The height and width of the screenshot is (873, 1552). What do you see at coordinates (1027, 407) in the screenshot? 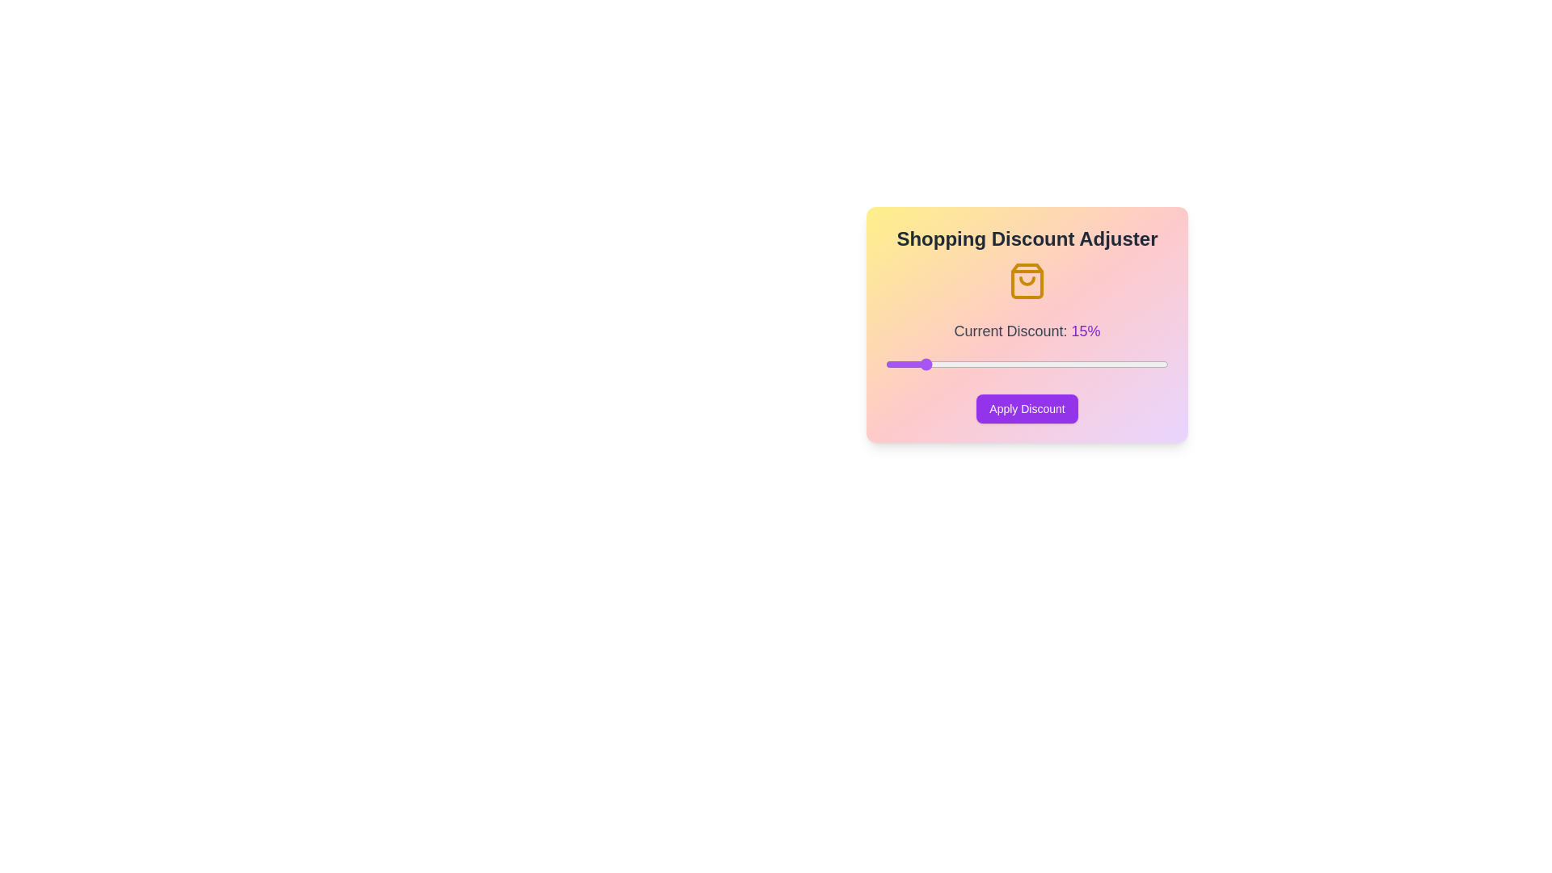
I see `the 'Apply Discount' button to confirm the discount` at bounding box center [1027, 407].